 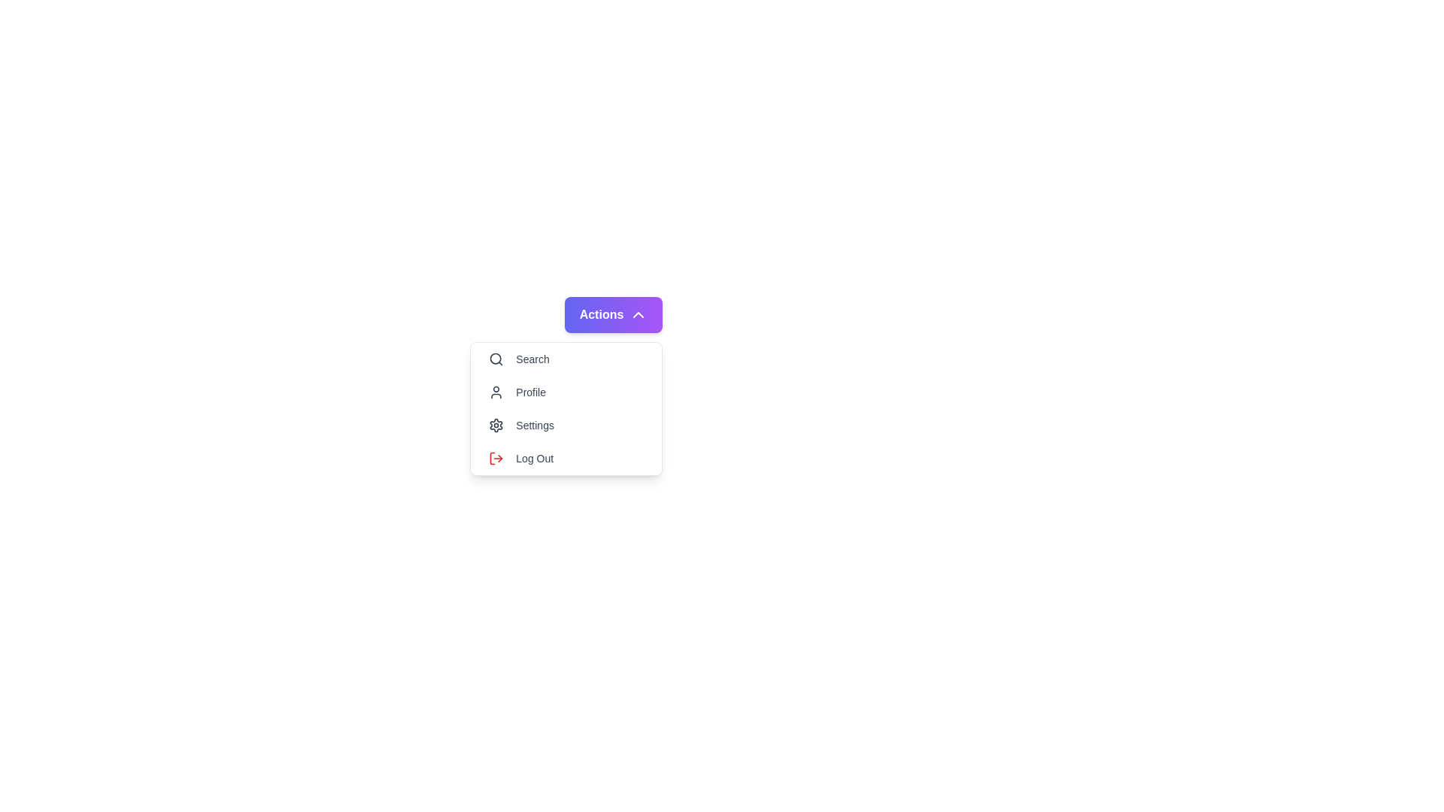 What do you see at coordinates (566, 408) in the screenshot?
I see `the 'Settings' dropdown menu item located in the middle-right of the interface` at bounding box center [566, 408].